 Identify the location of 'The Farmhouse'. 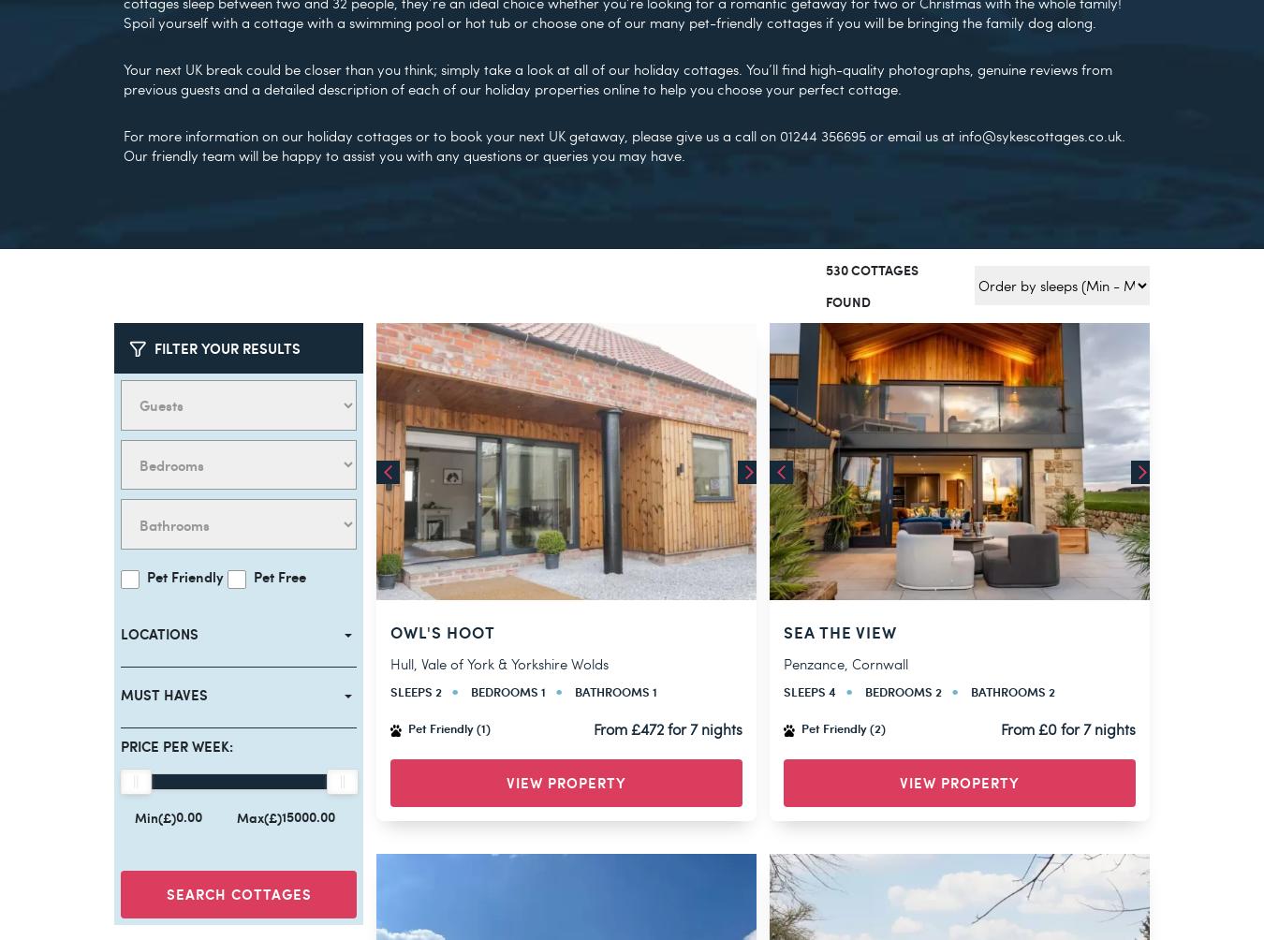
(854, 62).